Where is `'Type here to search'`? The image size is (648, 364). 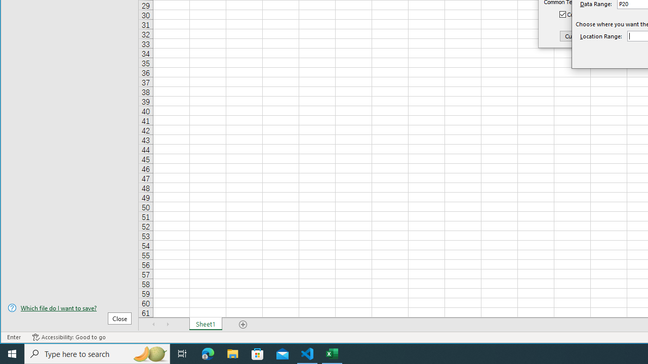
'Type here to search' is located at coordinates (97, 353).